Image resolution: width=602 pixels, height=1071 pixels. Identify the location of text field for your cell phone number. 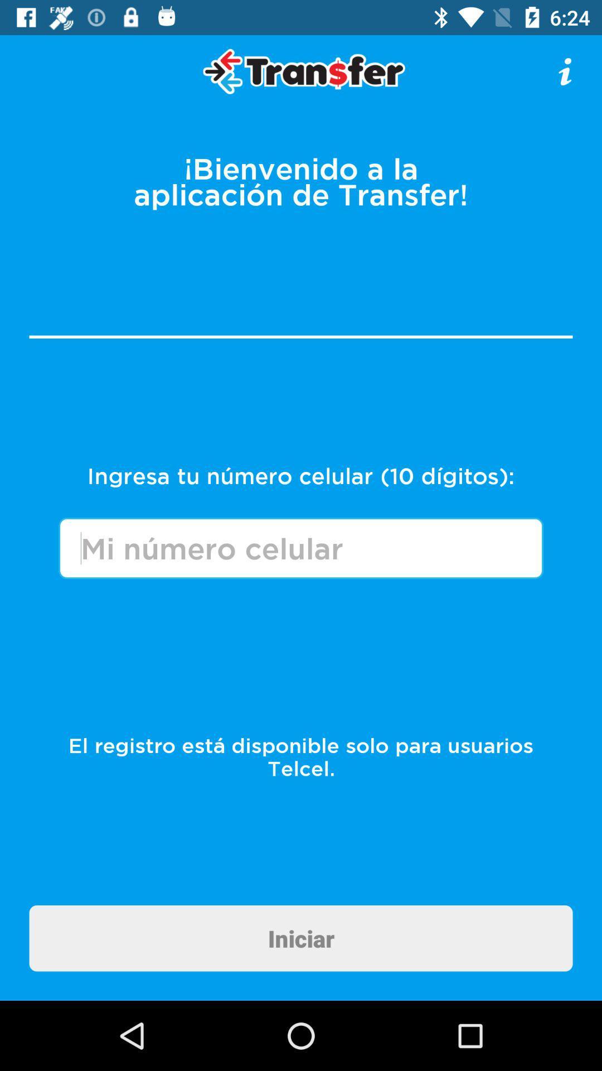
(301, 548).